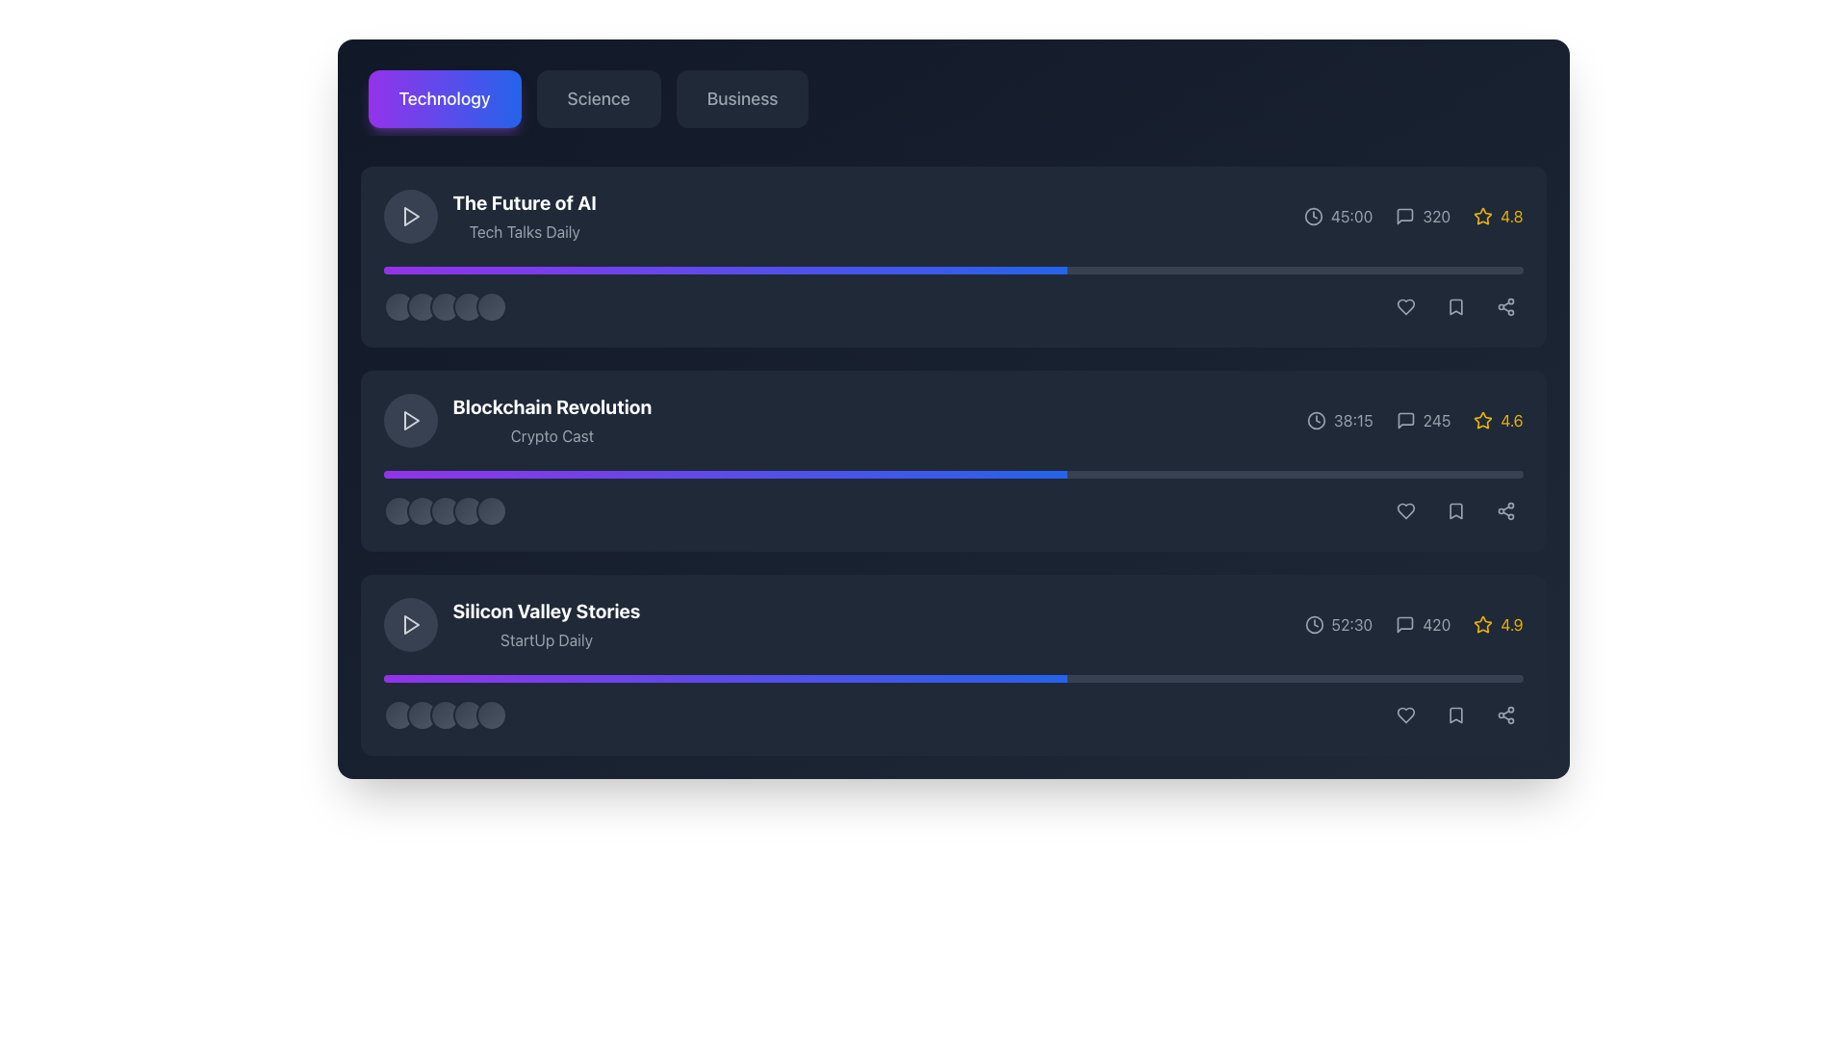  What do you see at coordinates (1436, 216) in the screenshot?
I see `value displayed in the Text Label that shows the count of comments or interactions related to the podcast entry, located to the right of the comment bubble icon in the first horizontal list item` at bounding box center [1436, 216].